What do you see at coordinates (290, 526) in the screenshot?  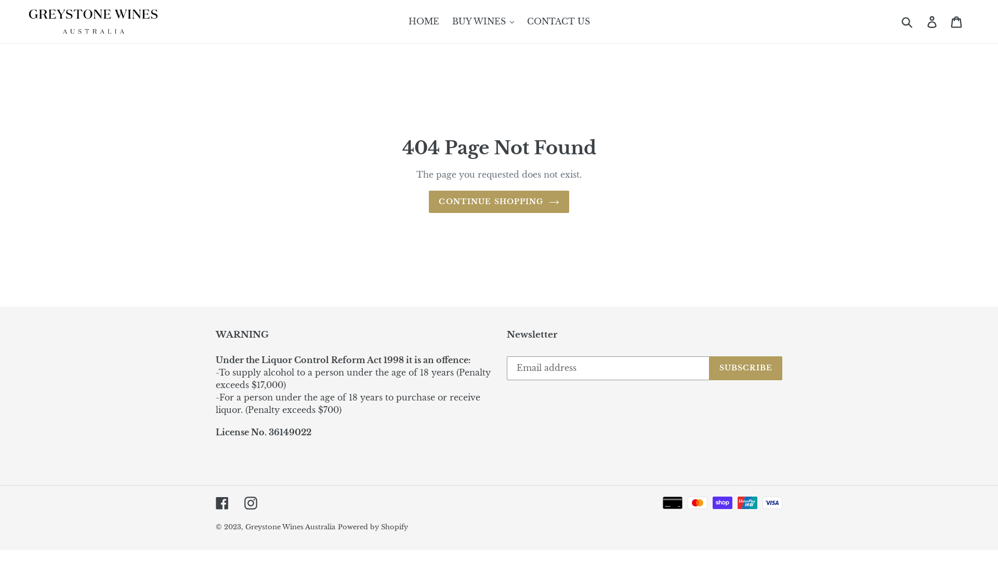 I see `'Greystone Wines Australia'` at bounding box center [290, 526].